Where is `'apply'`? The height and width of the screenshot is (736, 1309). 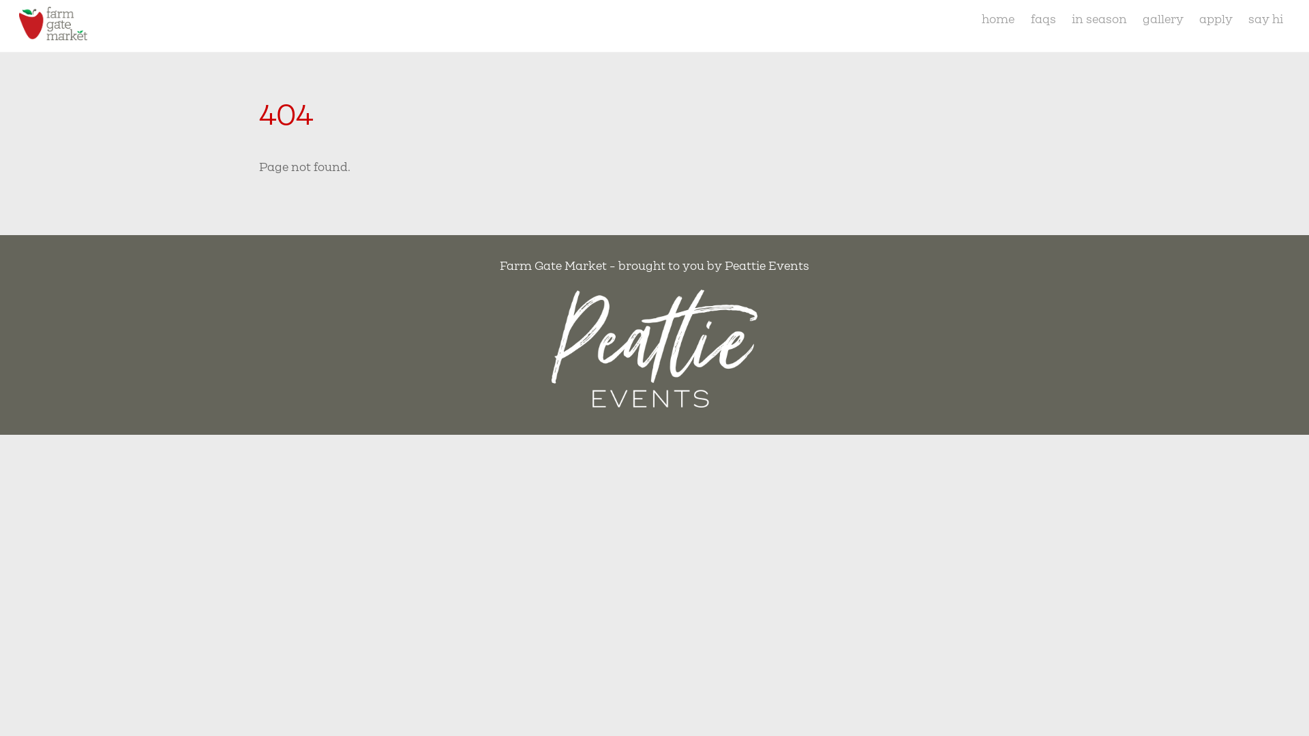 'apply' is located at coordinates (1216, 18).